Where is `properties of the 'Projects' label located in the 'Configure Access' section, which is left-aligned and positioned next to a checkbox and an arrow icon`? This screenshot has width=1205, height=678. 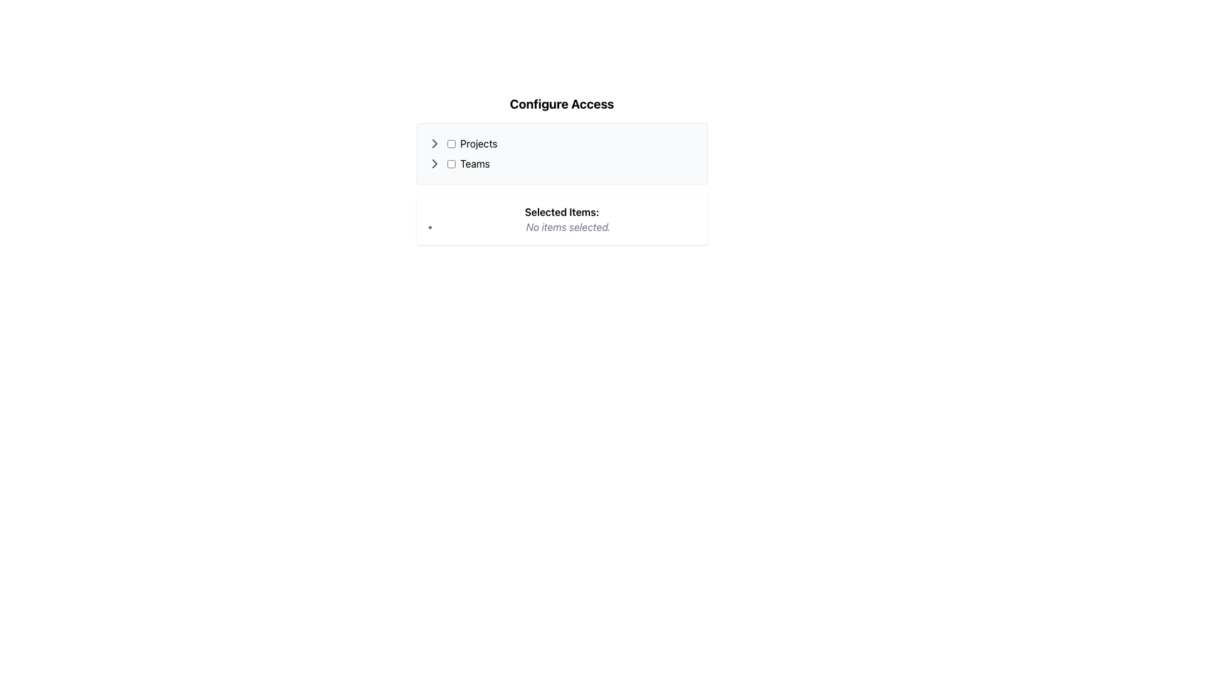
properties of the 'Projects' label located in the 'Configure Access' section, which is left-aligned and positioned next to a checkbox and an arrow icon is located at coordinates (561, 143).